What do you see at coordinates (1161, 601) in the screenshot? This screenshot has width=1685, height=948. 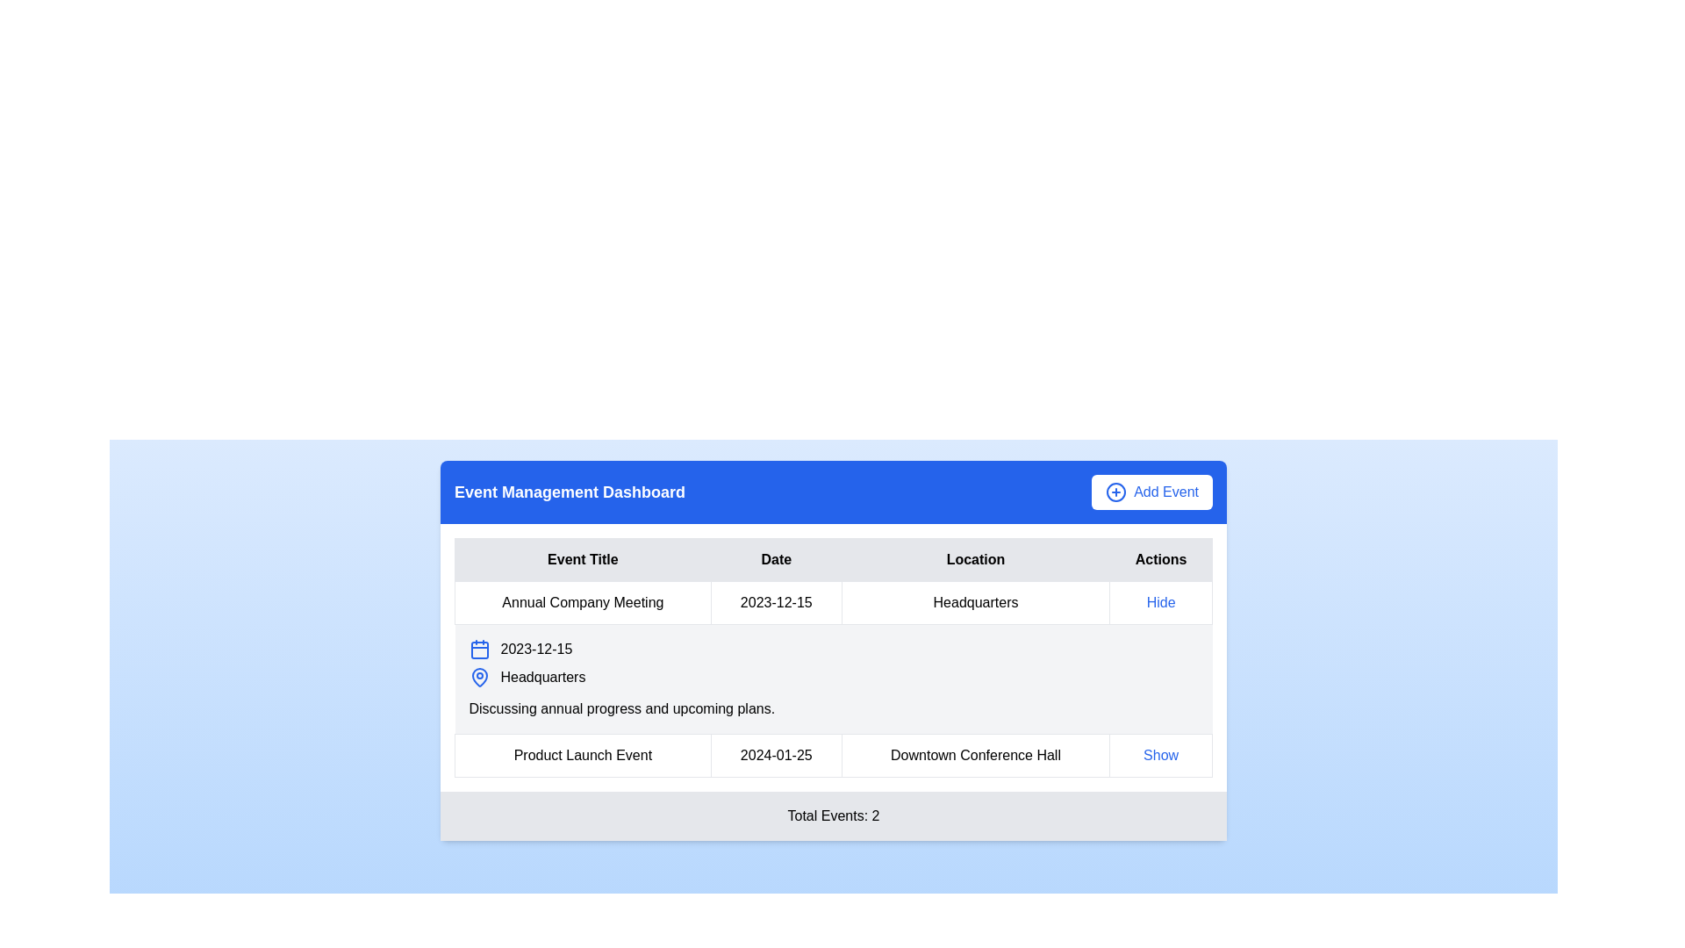 I see `the Interactive Link in the 'Actions' column of the first row for the event titled 'Annual Company Meeting' to hide the event details` at bounding box center [1161, 601].